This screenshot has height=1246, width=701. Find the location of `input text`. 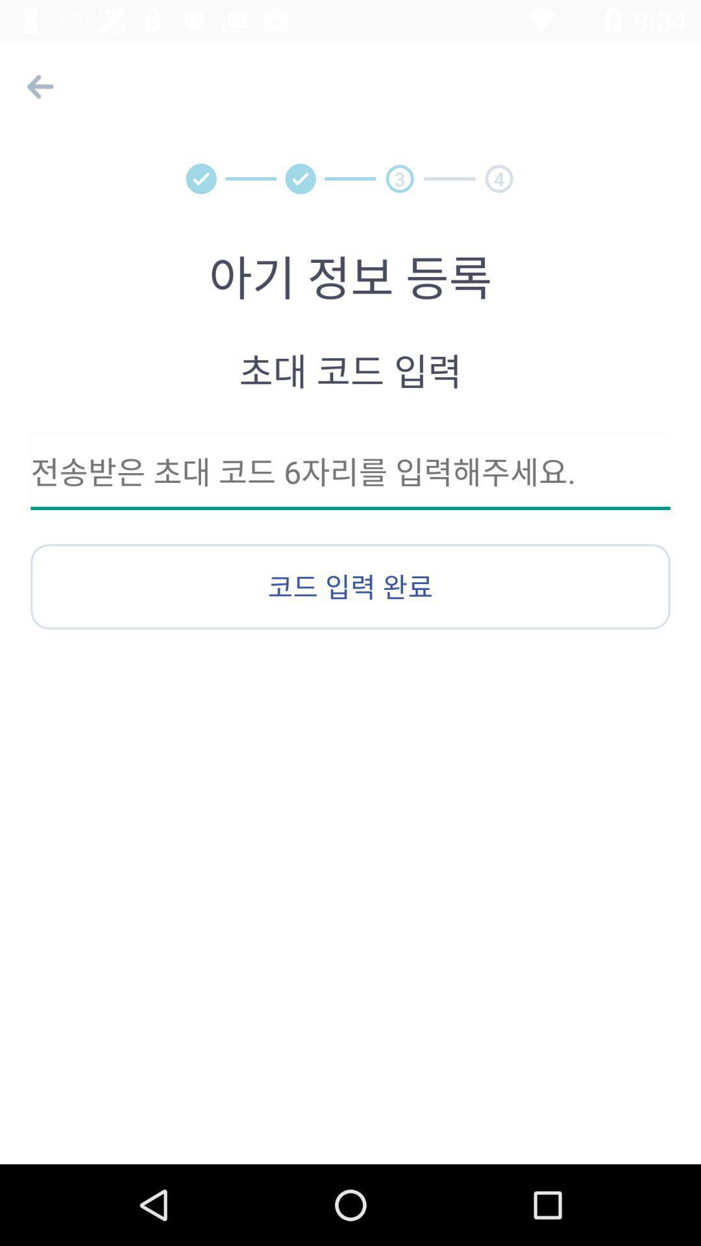

input text is located at coordinates (350, 470).